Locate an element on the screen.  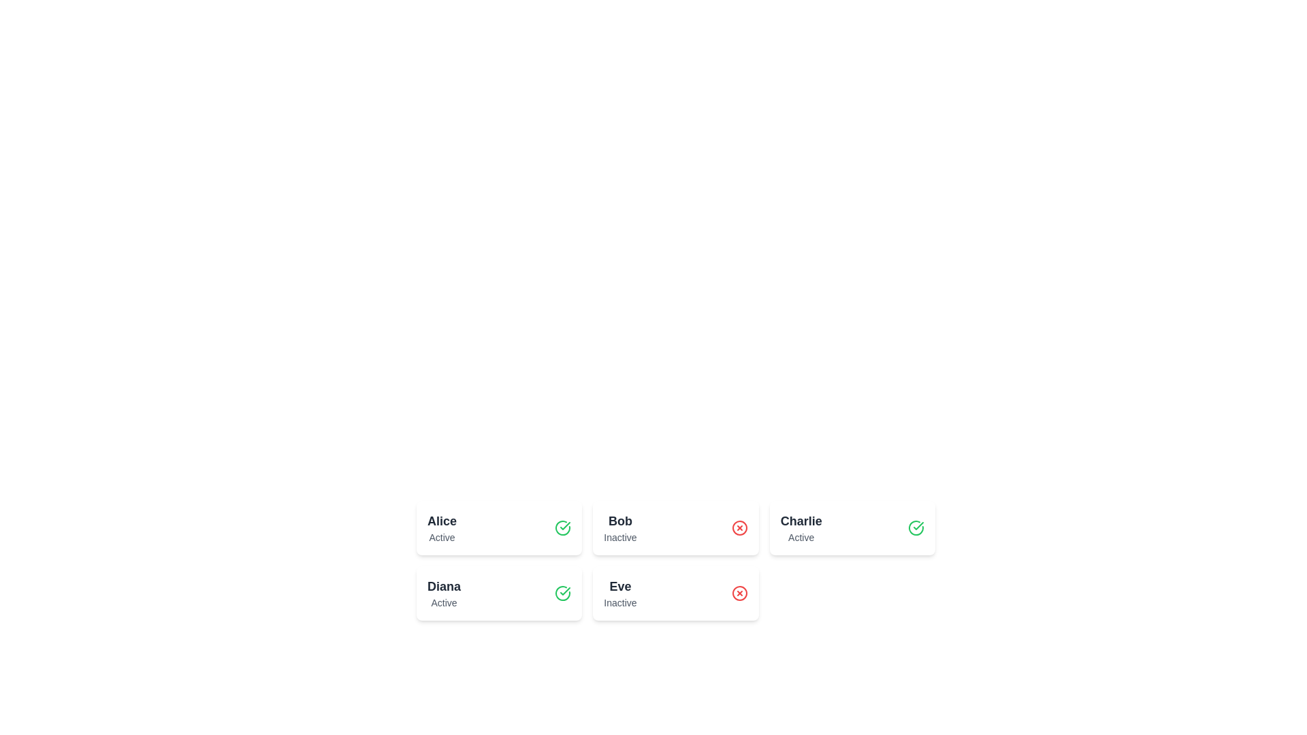
contents of the Informational Card representing Bob, which indicates his status as 'Inactive', located in the second card of the top row in a 2x3 grid layout is located at coordinates (676, 527).